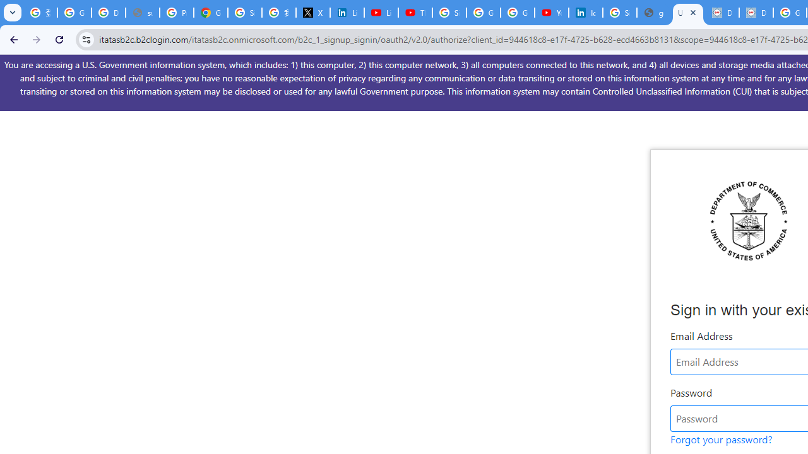 The width and height of the screenshot is (808, 454). I want to click on 'X', so click(313, 13).